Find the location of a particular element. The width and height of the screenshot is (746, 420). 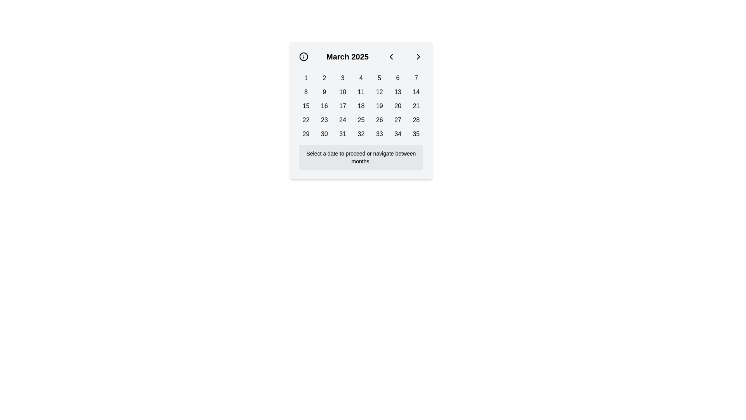

the calendar button representing the 26th day of March 2025 is located at coordinates (379, 120).